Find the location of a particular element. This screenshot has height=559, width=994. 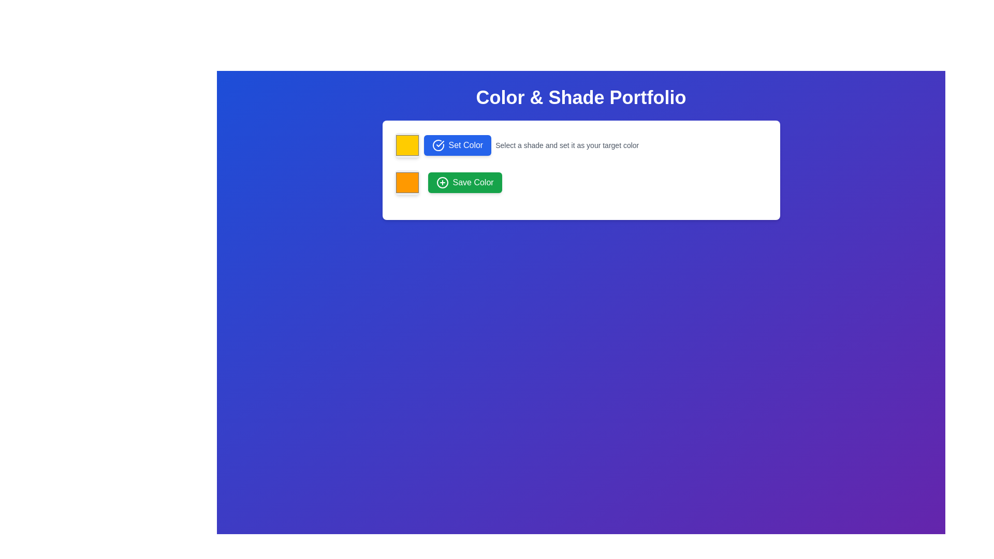

the static text label that reads 'Select a shade and set it as your target color', which is positioned to the right of the 'Set Color' button and a yellow color preview square is located at coordinates (566, 145).